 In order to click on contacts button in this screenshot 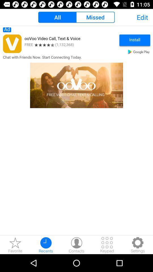, I will do `click(76, 245)`.